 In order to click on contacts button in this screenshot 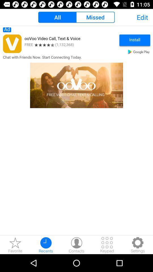, I will do `click(76, 245)`.